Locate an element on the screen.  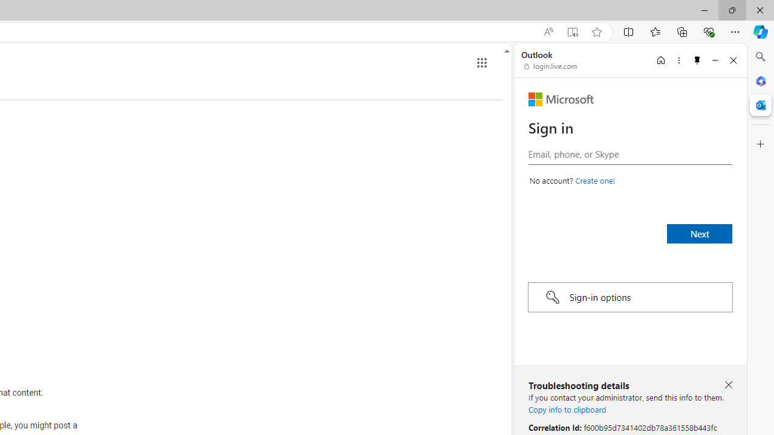
'Microsoft' is located at coordinates (561, 98).